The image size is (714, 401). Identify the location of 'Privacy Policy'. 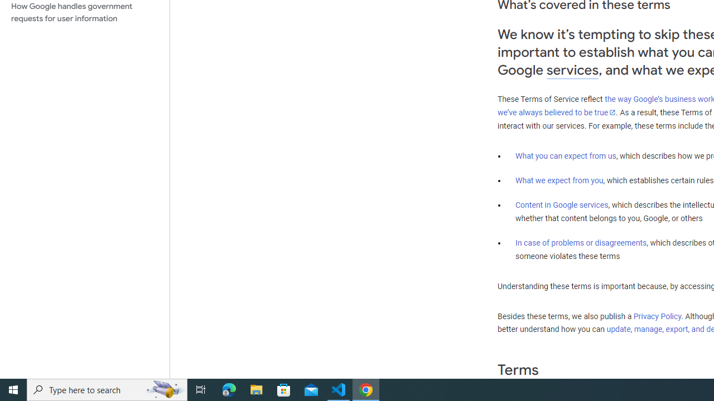
(657, 316).